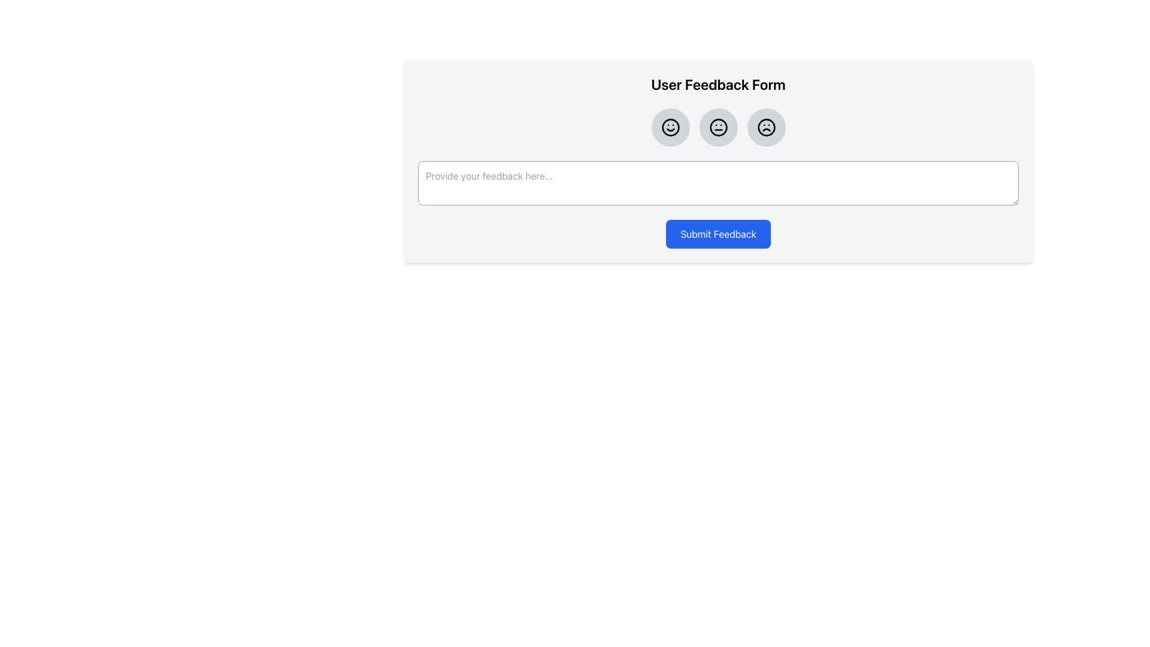 The width and height of the screenshot is (1150, 647). What do you see at coordinates (718, 234) in the screenshot?
I see `the blue 'Submit Feedback' button with white text located at the bottom center of the 'User Feedback Form' panel` at bounding box center [718, 234].